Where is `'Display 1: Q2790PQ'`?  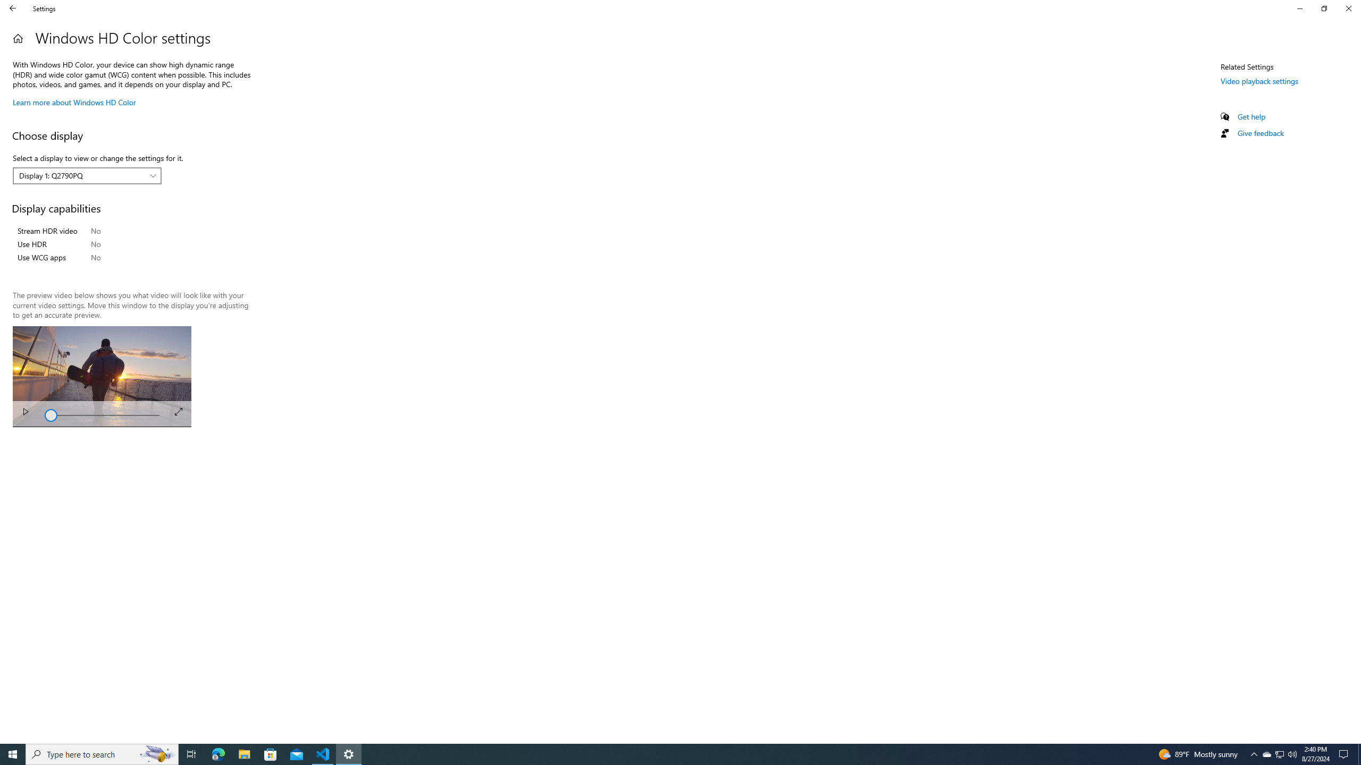
'Display 1: Q2790PQ' is located at coordinates (81, 175).